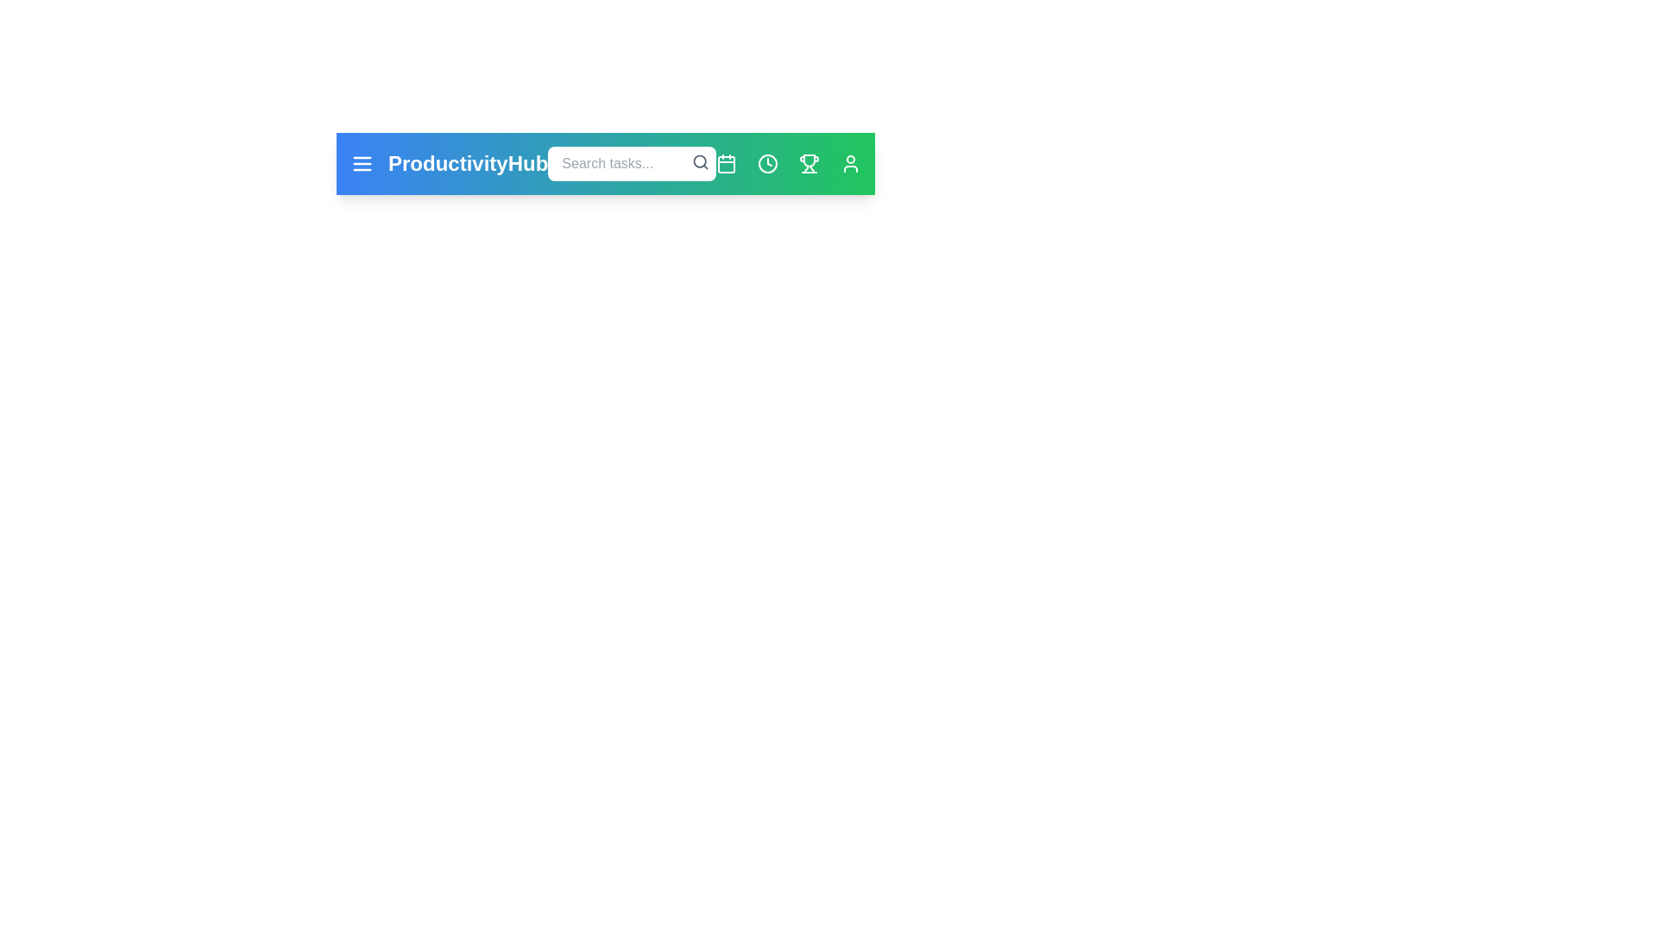  Describe the element at coordinates (850, 163) in the screenshot. I see `the user profile icon to access the user profile` at that location.